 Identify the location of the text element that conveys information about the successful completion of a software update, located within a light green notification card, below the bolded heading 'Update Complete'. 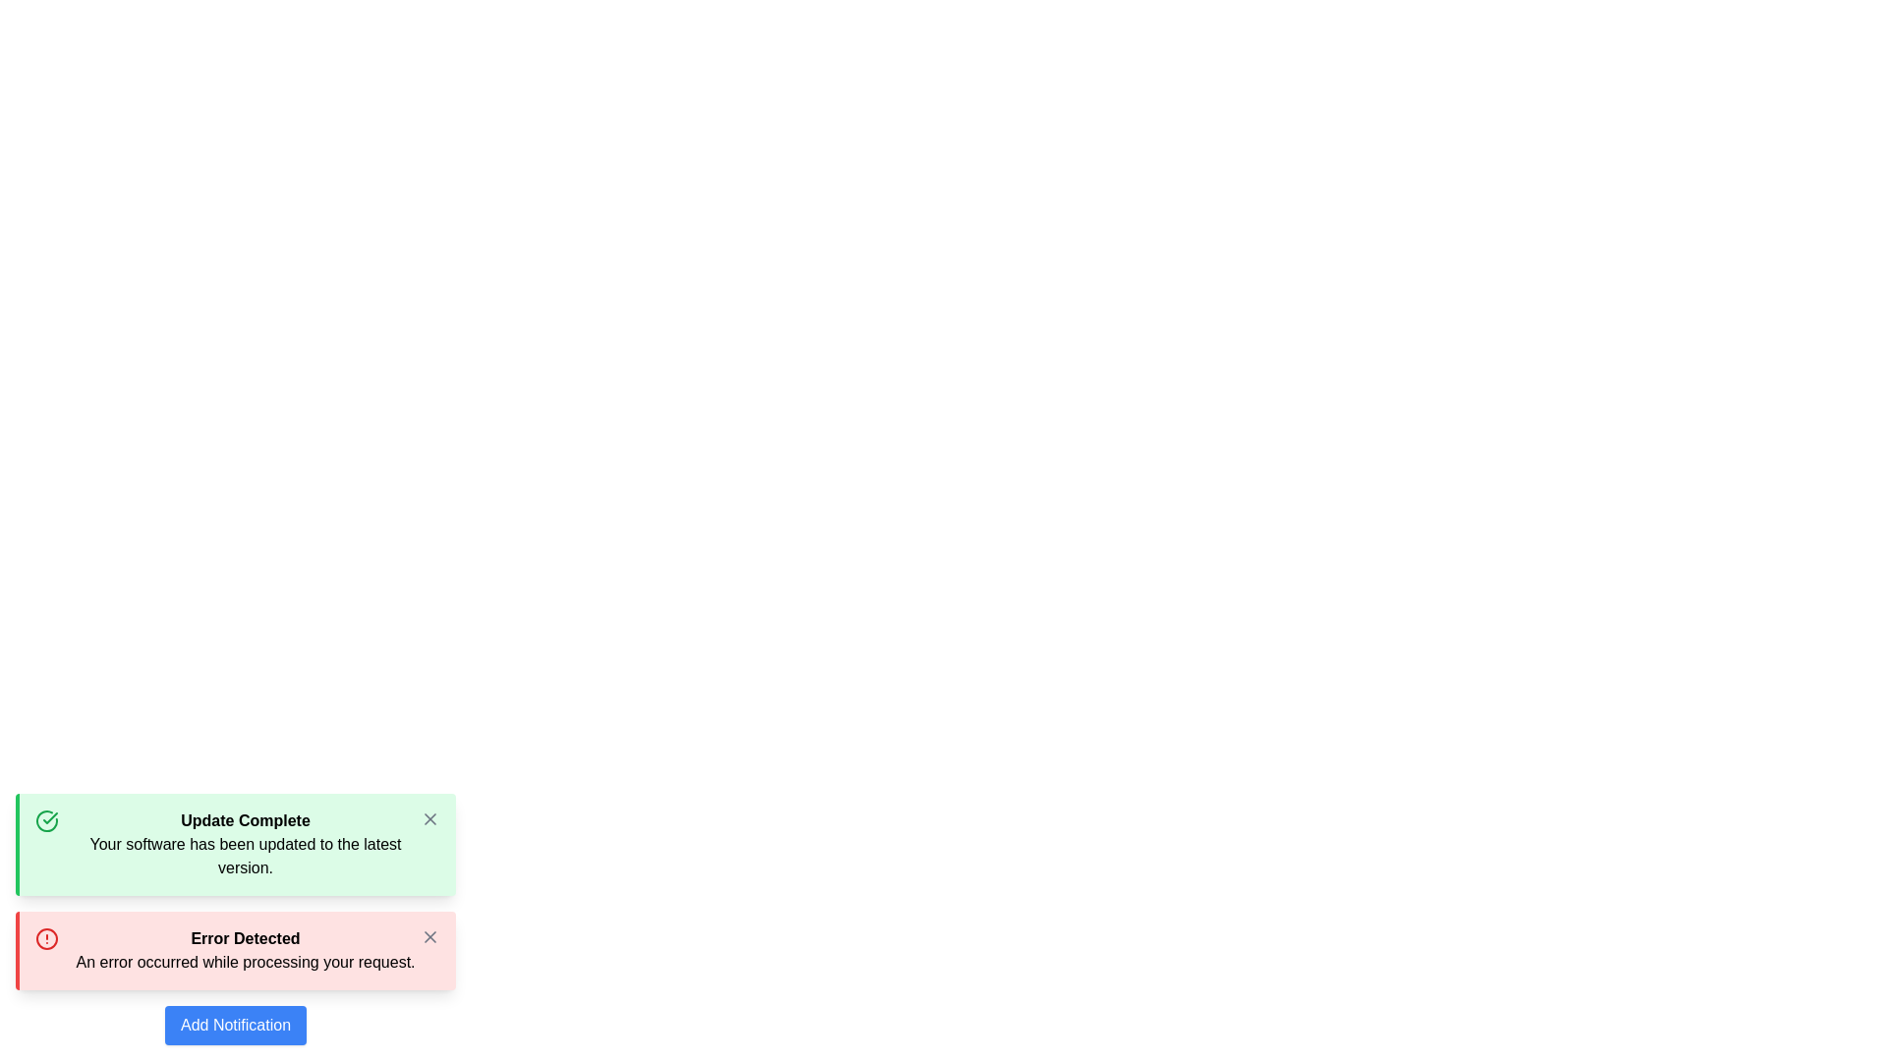
(244, 855).